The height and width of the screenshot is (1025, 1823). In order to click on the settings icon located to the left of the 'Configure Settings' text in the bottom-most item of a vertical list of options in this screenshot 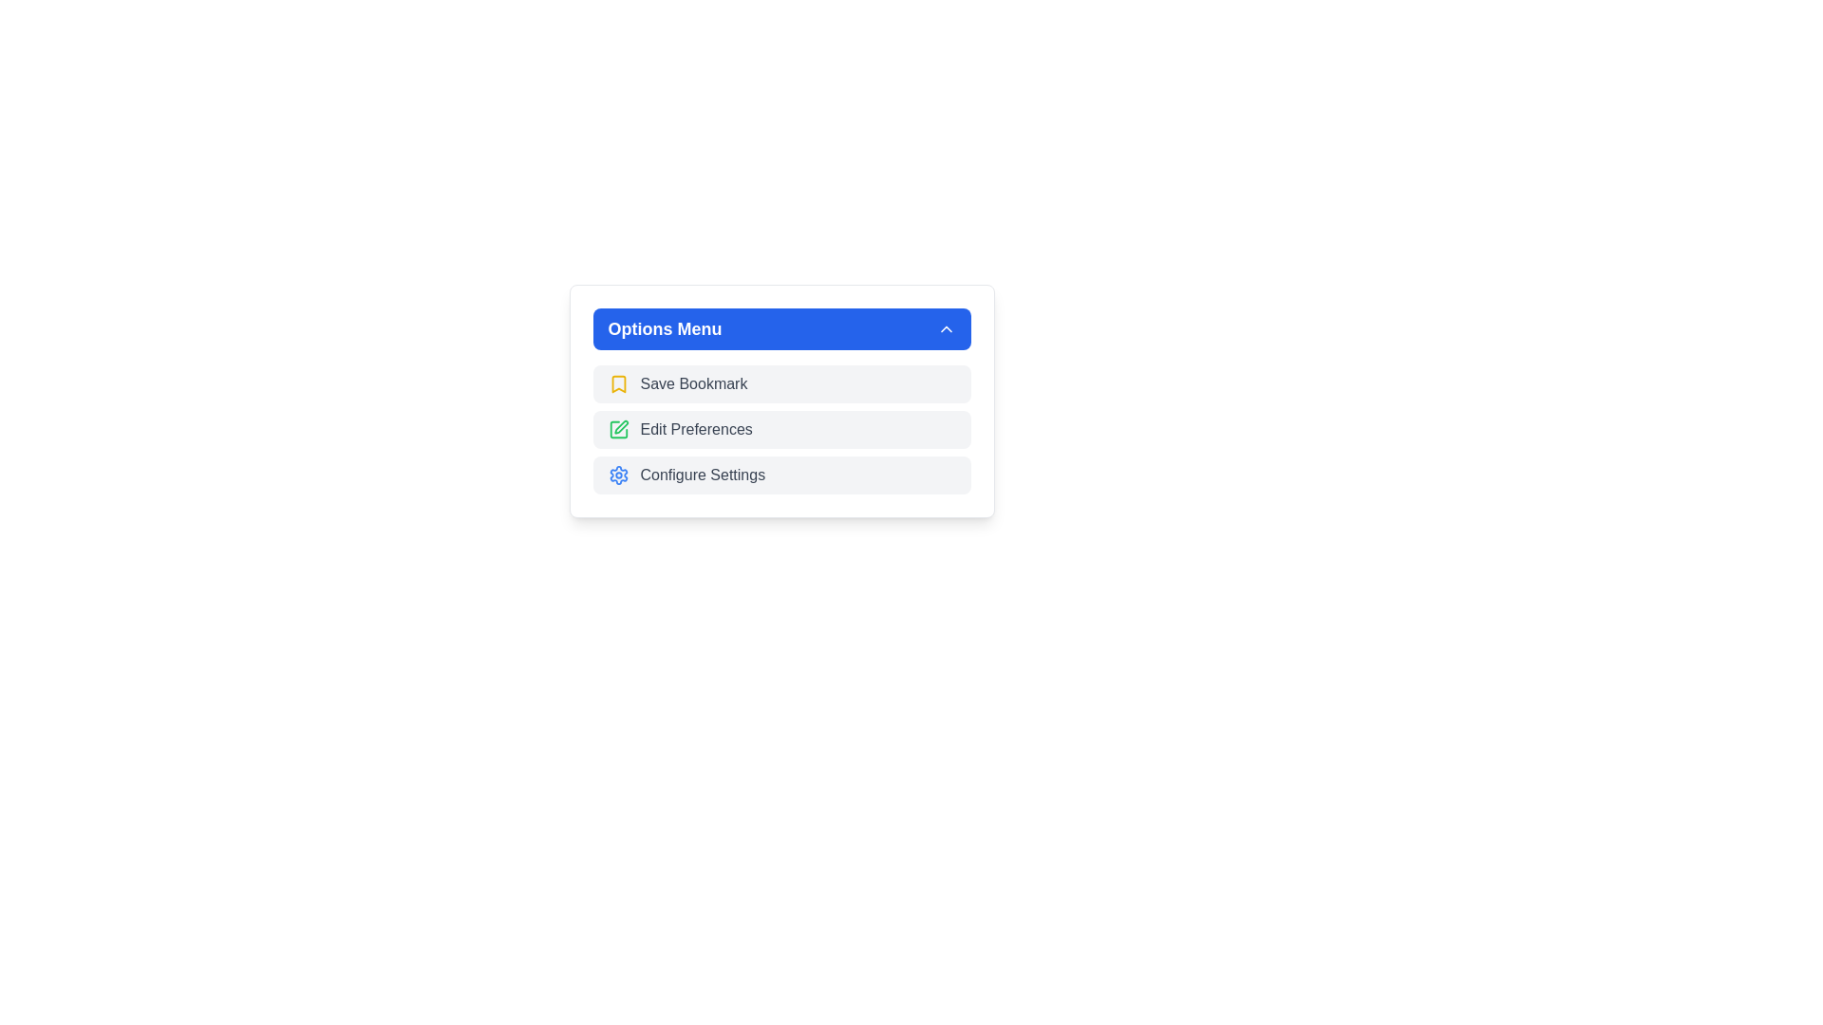, I will do `click(618, 475)`.